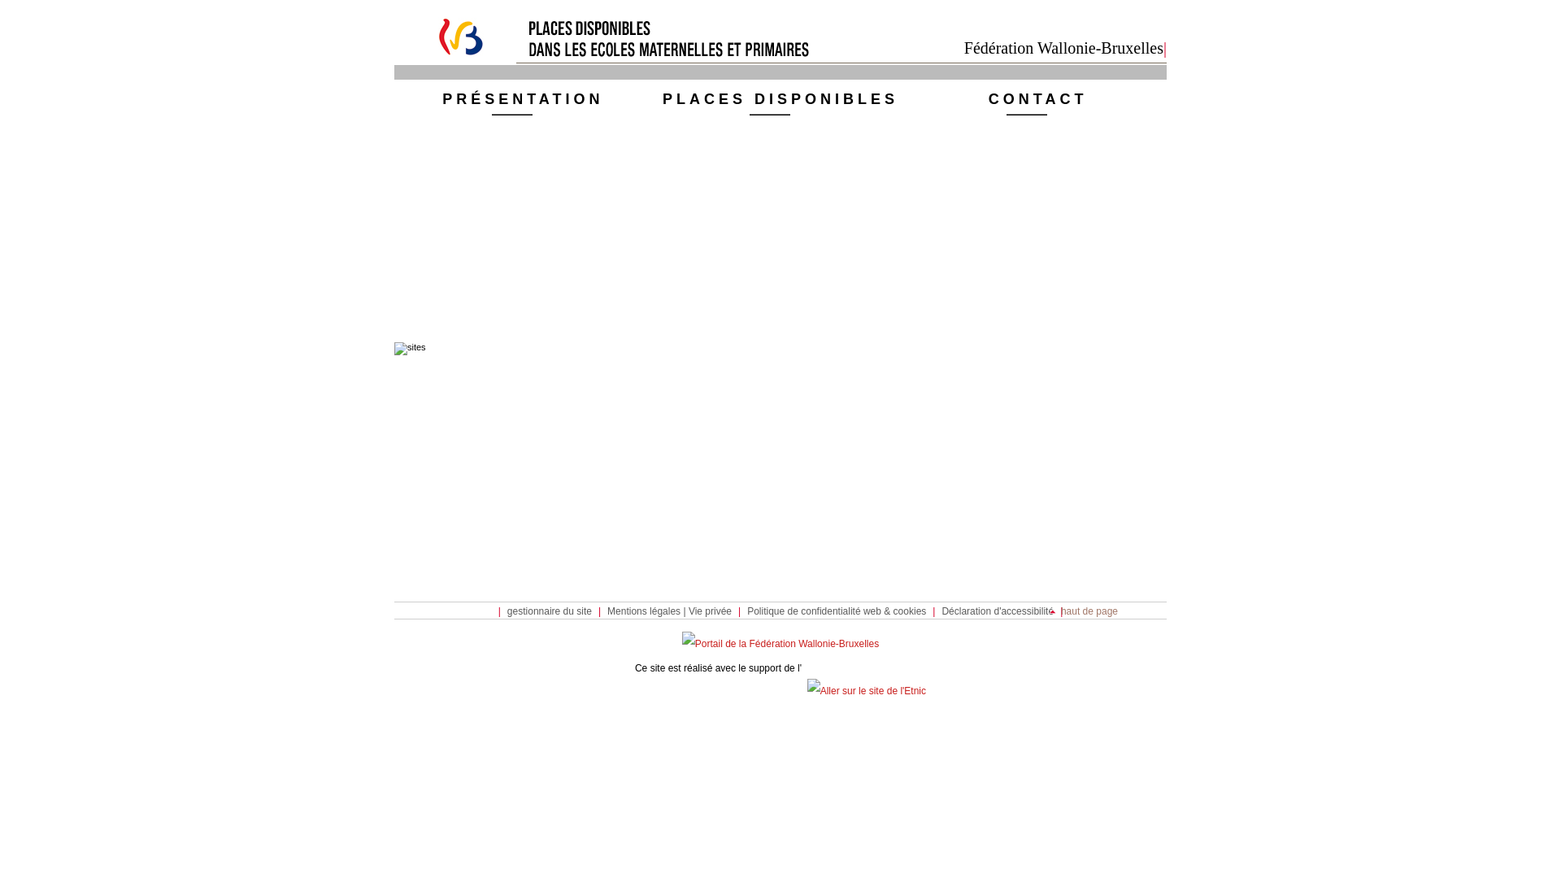 This screenshot has height=878, width=1561. Describe the element at coordinates (1084, 611) in the screenshot. I see `'haut de page'` at that location.